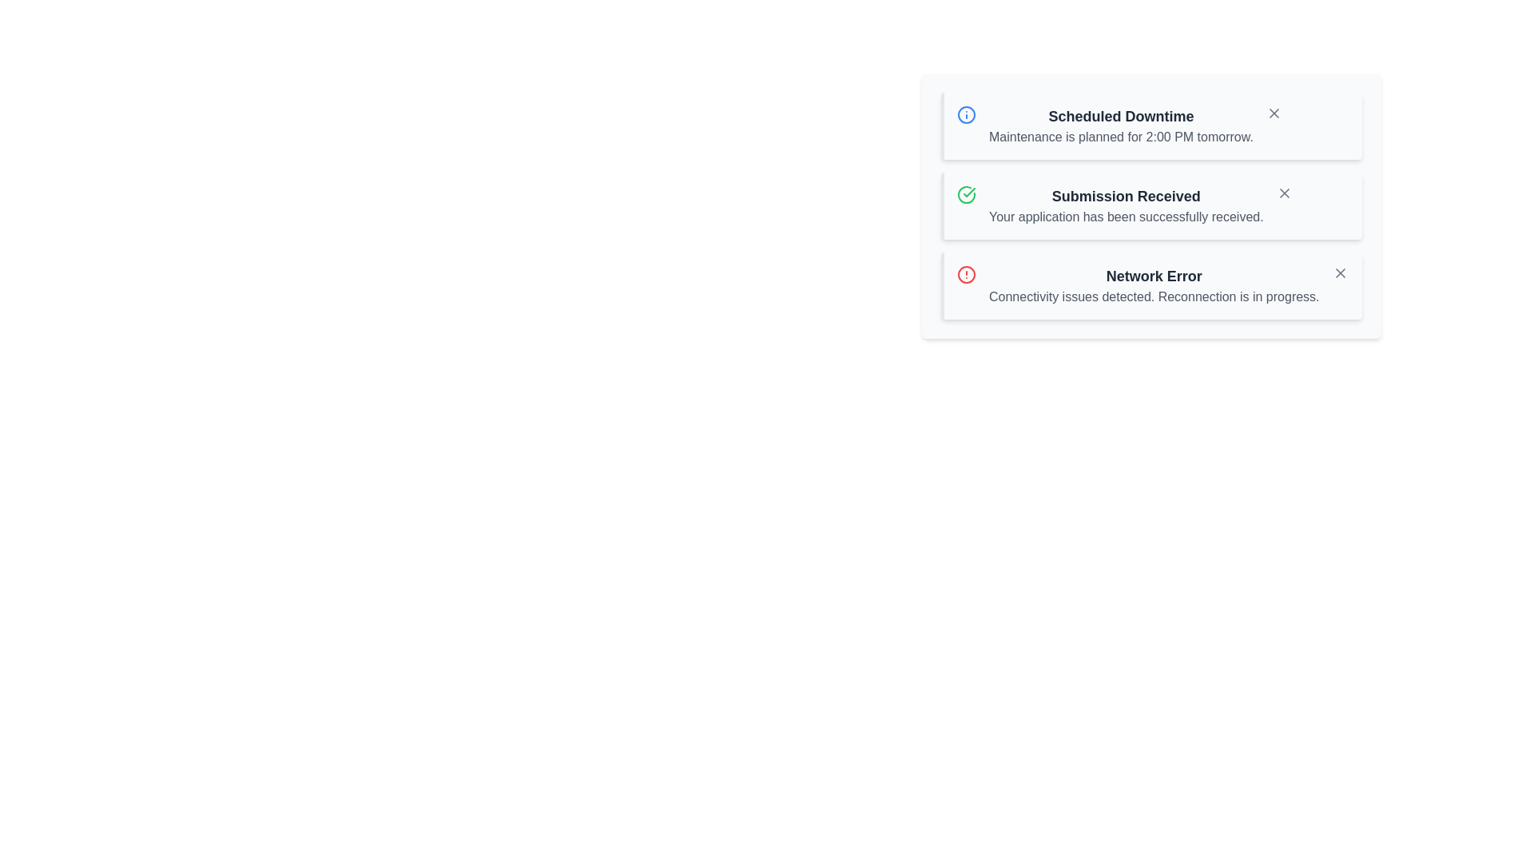 This screenshot has height=863, width=1534. I want to click on the 'X' icon in the notification titled 'Submission Received', located at the top-right corner of the notification card, so click(1284, 193).